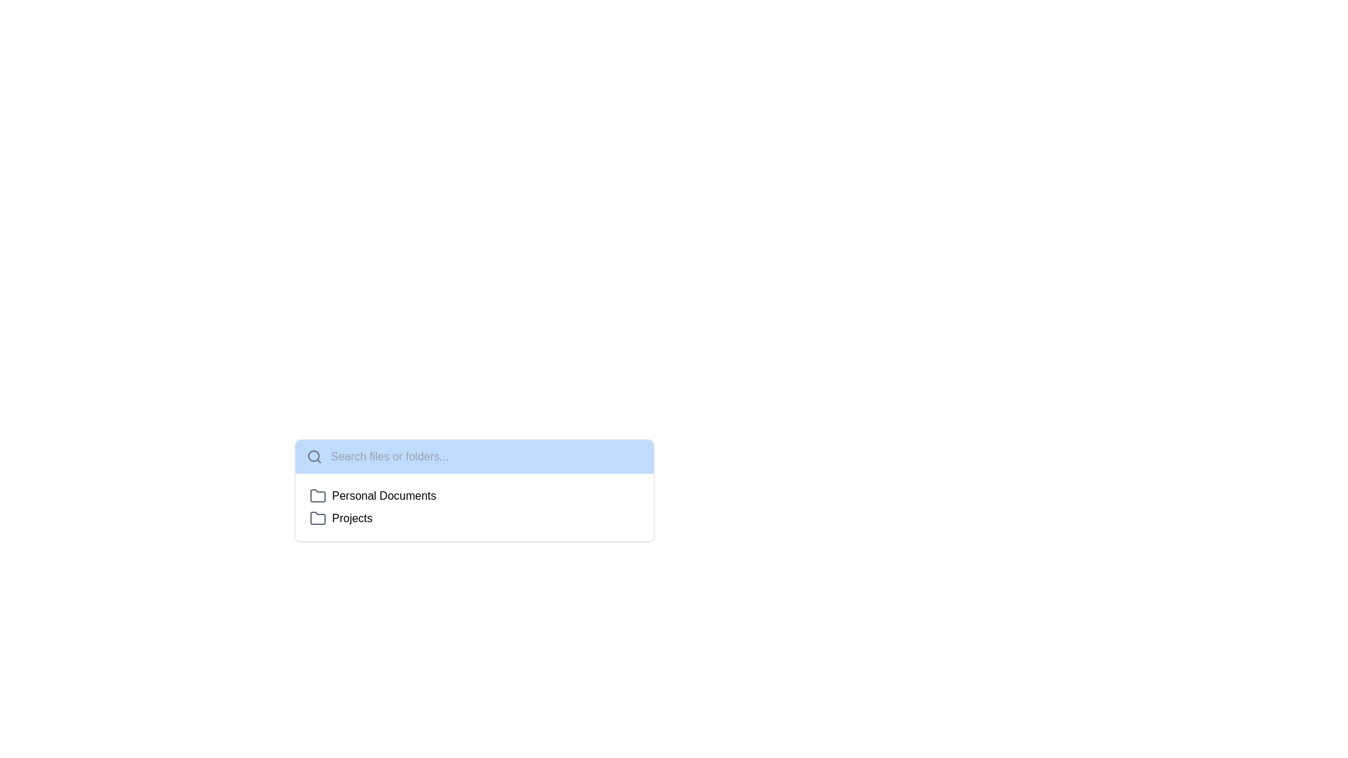 The height and width of the screenshot is (758, 1348). What do you see at coordinates (317, 519) in the screenshot?
I see `the folder icon, which is styled in a minimalist gray design and is the first element in the horizontal group next to the 'Projects' label, located in the second row of the dropdown menu` at bounding box center [317, 519].